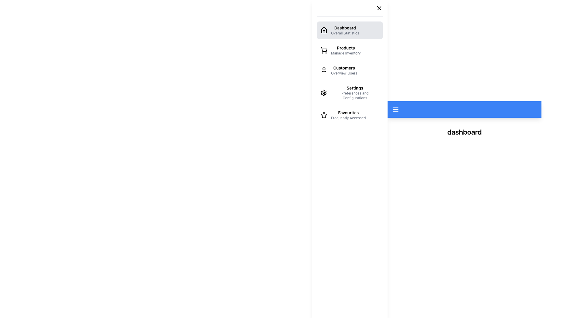 The image size is (565, 318). Describe the element at coordinates (350, 115) in the screenshot. I see `the 'Favourites' list item in the left-side navigation panel` at that location.